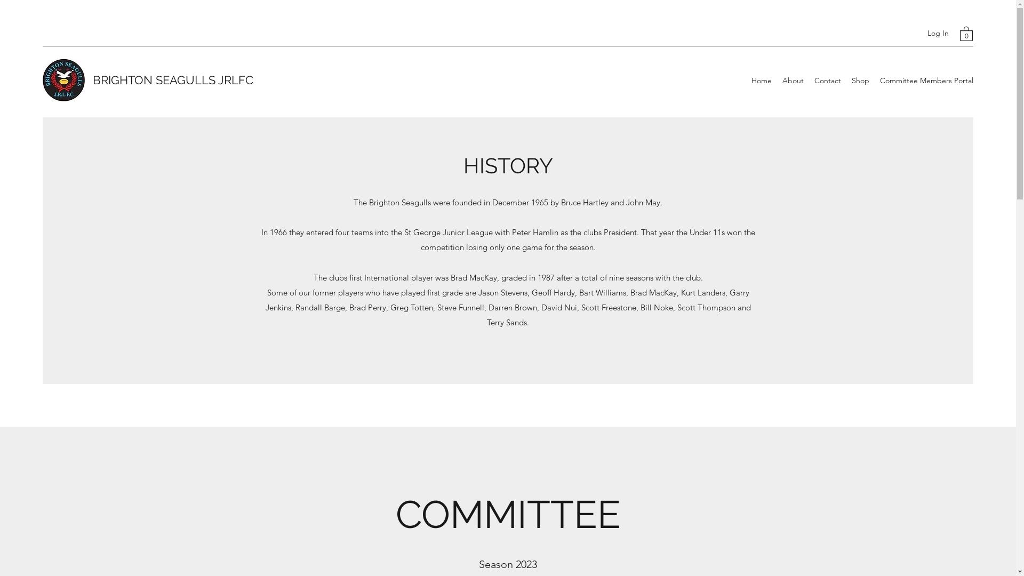 This screenshot has width=1024, height=576. What do you see at coordinates (793, 79) in the screenshot?
I see `'About'` at bounding box center [793, 79].